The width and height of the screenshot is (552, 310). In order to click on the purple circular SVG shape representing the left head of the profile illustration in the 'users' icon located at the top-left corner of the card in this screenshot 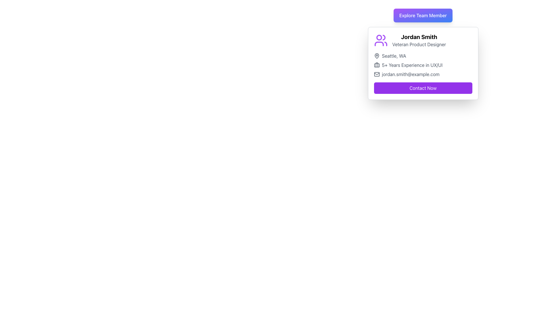, I will do `click(379, 38)`.